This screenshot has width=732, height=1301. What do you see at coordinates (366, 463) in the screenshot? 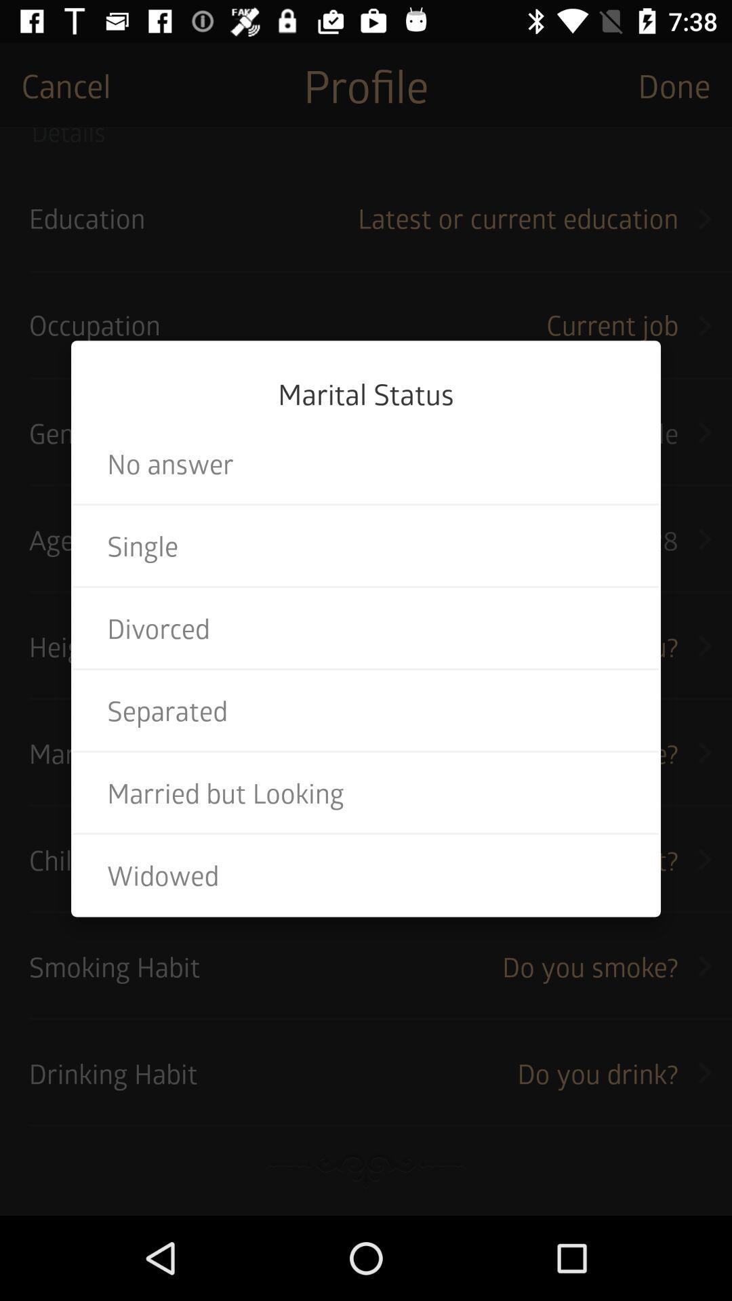
I see `no answer icon` at bounding box center [366, 463].